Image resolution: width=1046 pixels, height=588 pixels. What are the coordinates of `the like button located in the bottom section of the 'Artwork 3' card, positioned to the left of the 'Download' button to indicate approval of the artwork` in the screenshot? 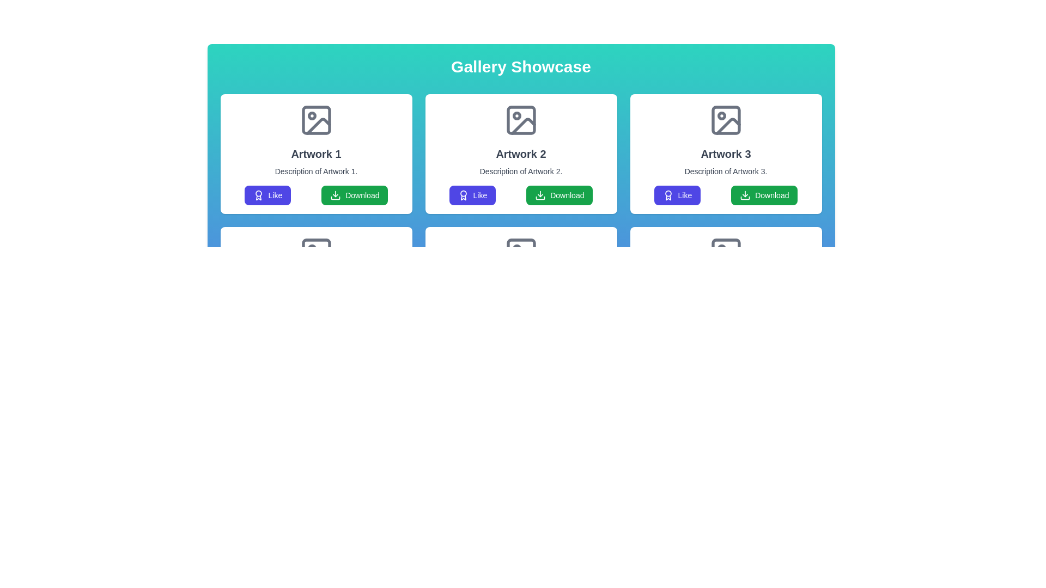 It's located at (677, 194).